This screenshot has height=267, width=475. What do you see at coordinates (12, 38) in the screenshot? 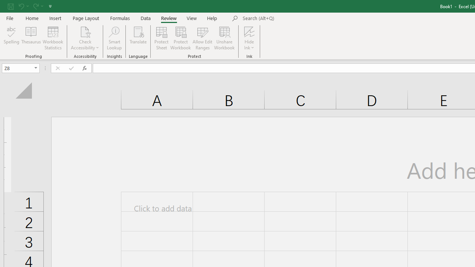
I see `'Spelling...'` at bounding box center [12, 38].